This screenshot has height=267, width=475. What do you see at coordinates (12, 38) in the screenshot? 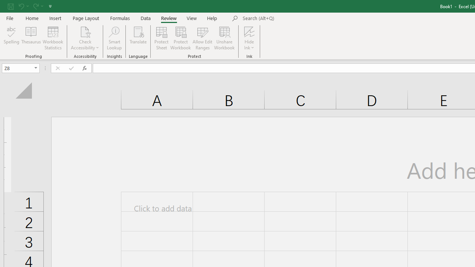
I see `'Spelling...'` at bounding box center [12, 38].